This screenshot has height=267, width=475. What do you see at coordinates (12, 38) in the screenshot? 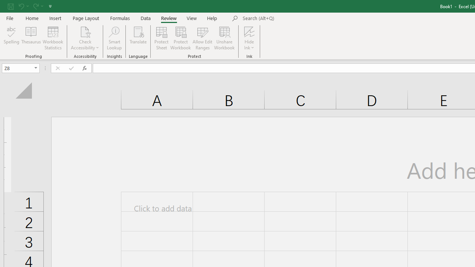
I see `'Spelling...'` at bounding box center [12, 38].